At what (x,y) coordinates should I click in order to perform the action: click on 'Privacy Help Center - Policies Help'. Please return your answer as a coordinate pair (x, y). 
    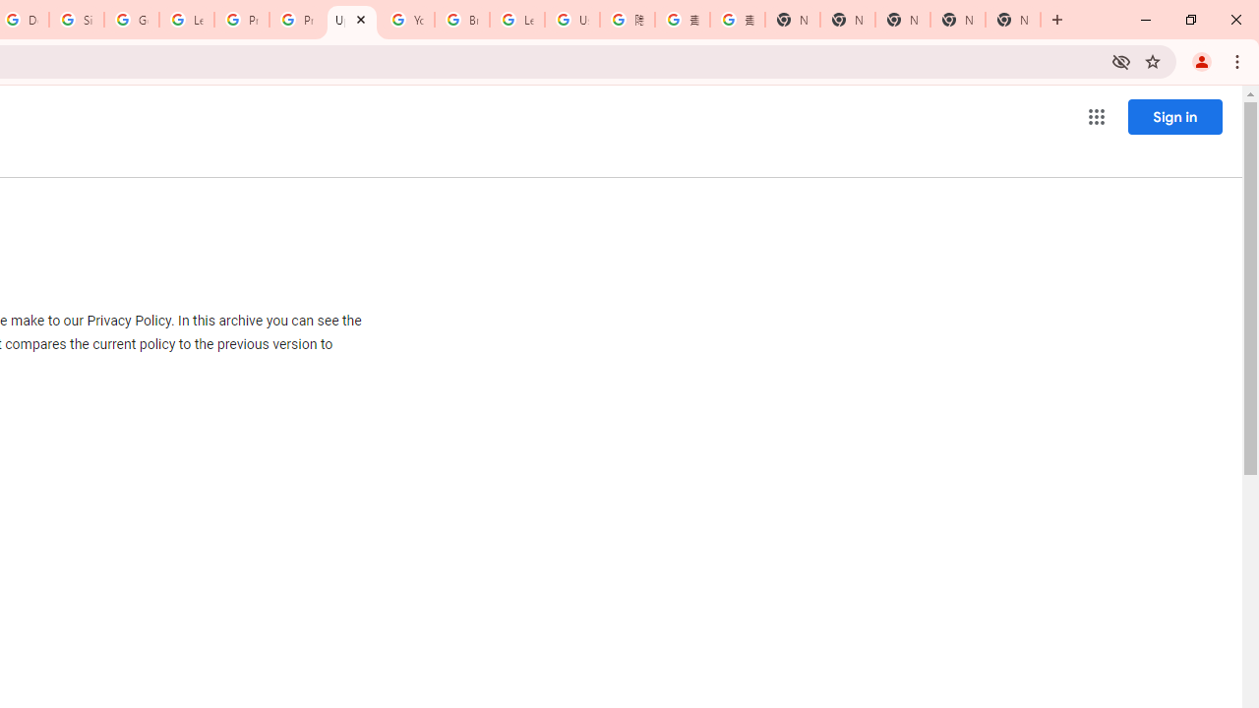
    Looking at the image, I should click on (296, 20).